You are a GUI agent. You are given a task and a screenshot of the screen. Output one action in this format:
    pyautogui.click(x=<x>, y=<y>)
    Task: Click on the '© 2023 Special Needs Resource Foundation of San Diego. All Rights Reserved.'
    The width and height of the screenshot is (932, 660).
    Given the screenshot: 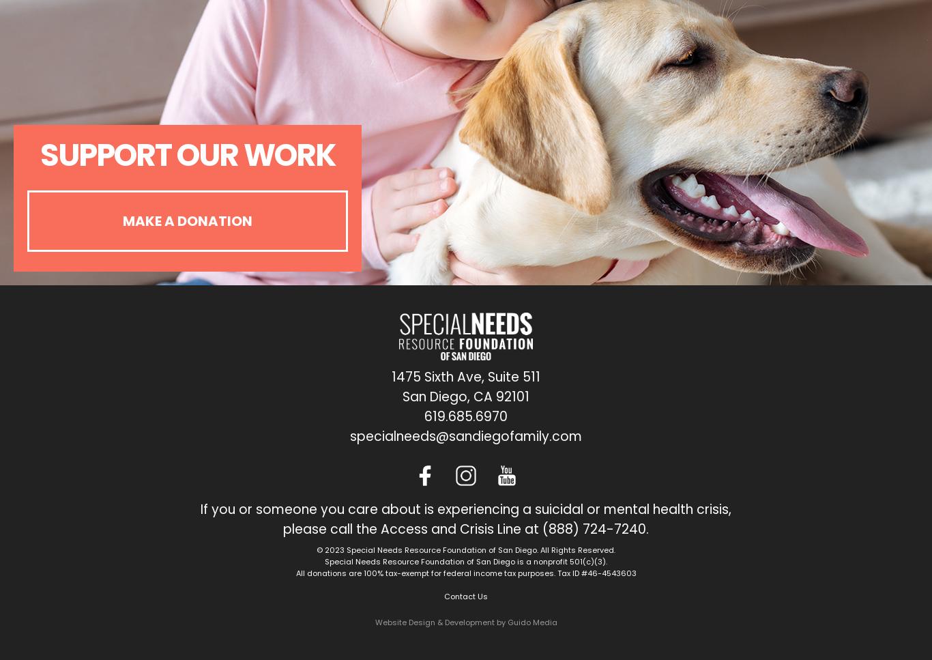 What is the action you would take?
    pyautogui.click(x=466, y=549)
    